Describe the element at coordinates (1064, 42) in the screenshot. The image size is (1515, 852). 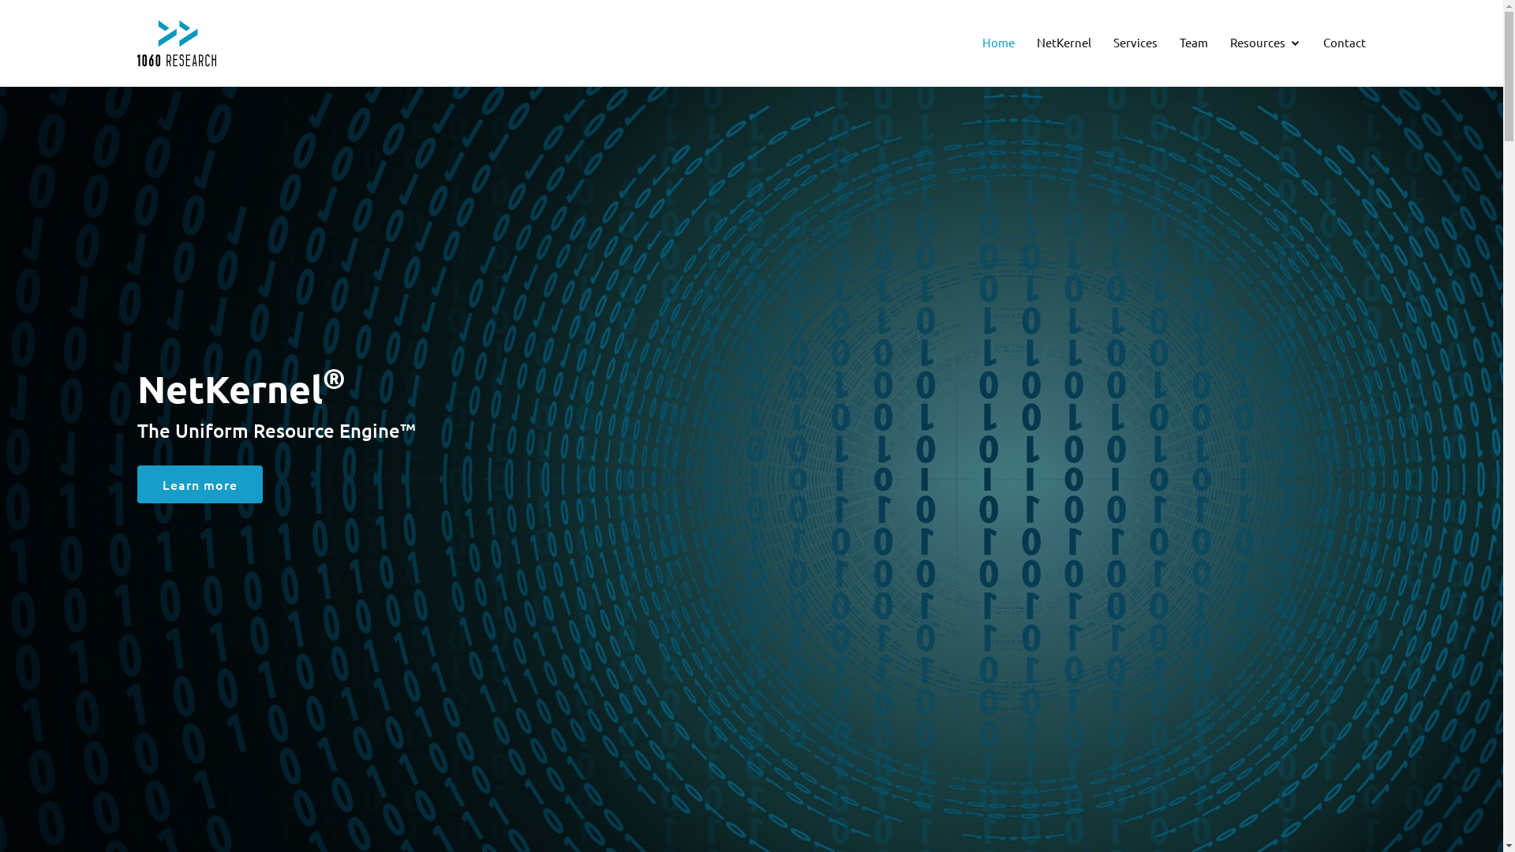
I see `'NetKernel'` at that location.